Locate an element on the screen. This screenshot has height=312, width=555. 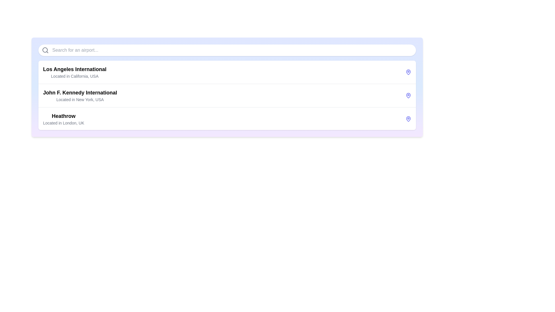
the list item identifying 'Heathrow' is located at coordinates (227, 118).